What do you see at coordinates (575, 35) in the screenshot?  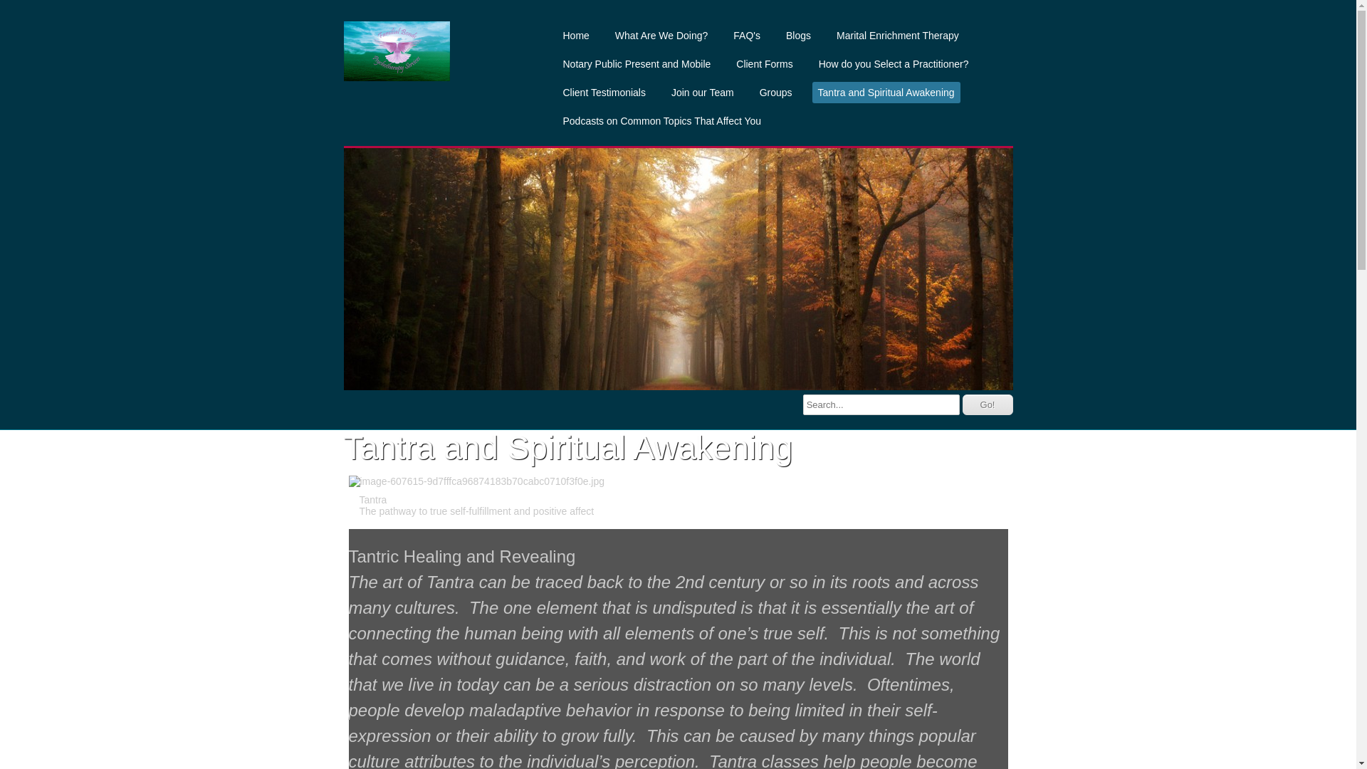 I see `'Home'` at bounding box center [575, 35].